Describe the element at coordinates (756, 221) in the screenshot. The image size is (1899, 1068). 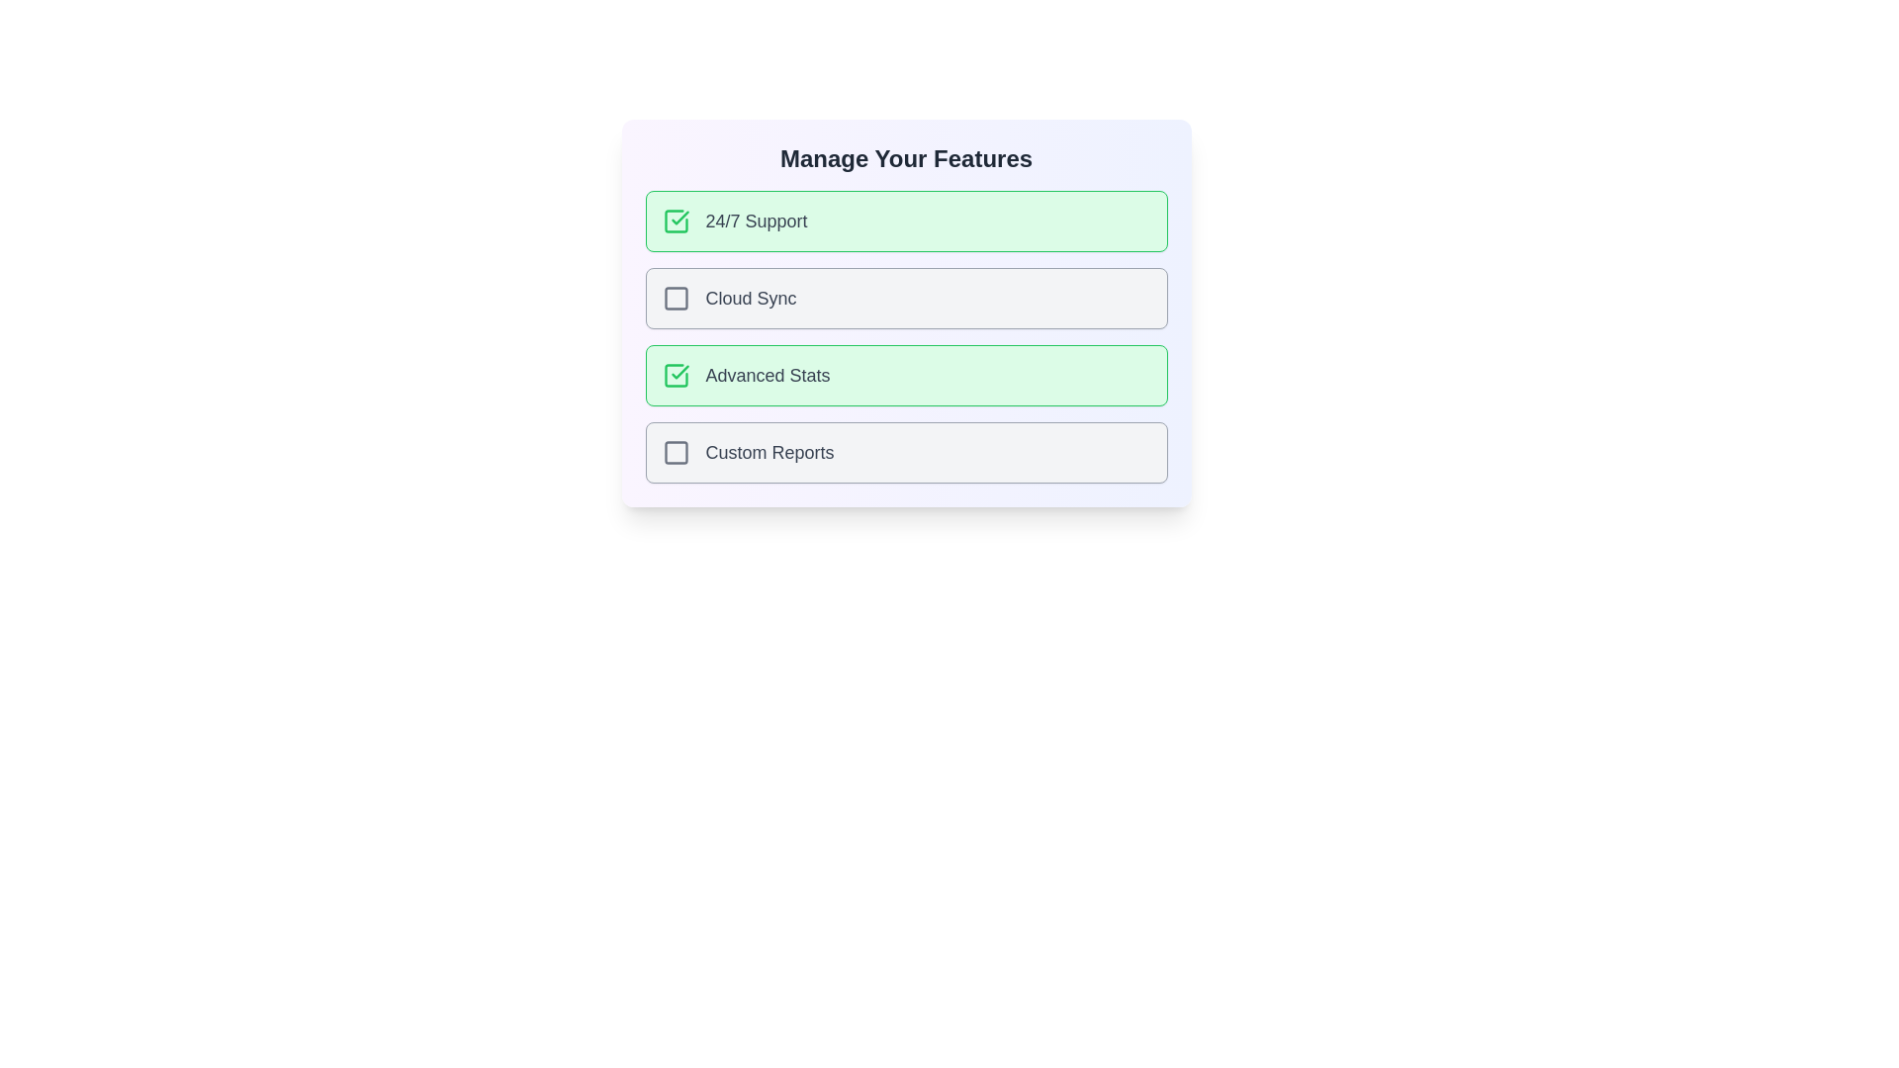
I see `the text label associated with the '24/7 Support' feature to associate it with its respective feature` at that location.